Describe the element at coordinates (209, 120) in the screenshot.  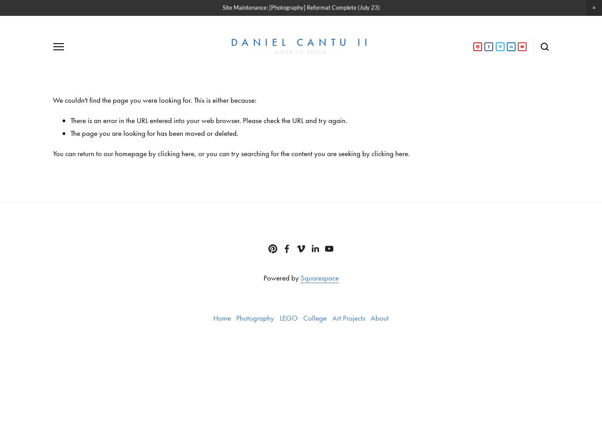
I see `'There is an error in the URL entered into your web browser. Please check the URL and try again.'` at that location.